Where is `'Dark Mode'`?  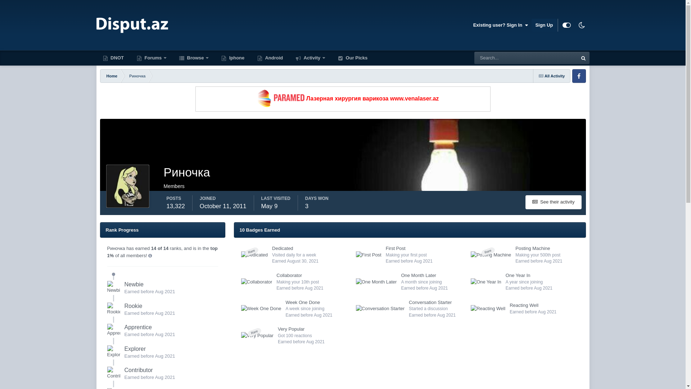
'Dark Mode' is located at coordinates (574, 24).